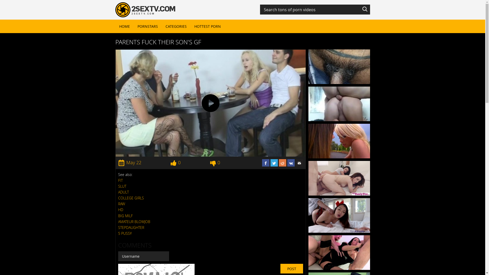  Describe the element at coordinates (125, 233) in the screenshot. I see `'5 PUSSY'` at that location.